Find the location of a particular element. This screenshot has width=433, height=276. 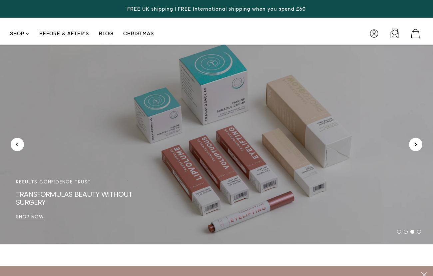

'Discover our 'Best' kept secret' is located at coordinates (72, 202).